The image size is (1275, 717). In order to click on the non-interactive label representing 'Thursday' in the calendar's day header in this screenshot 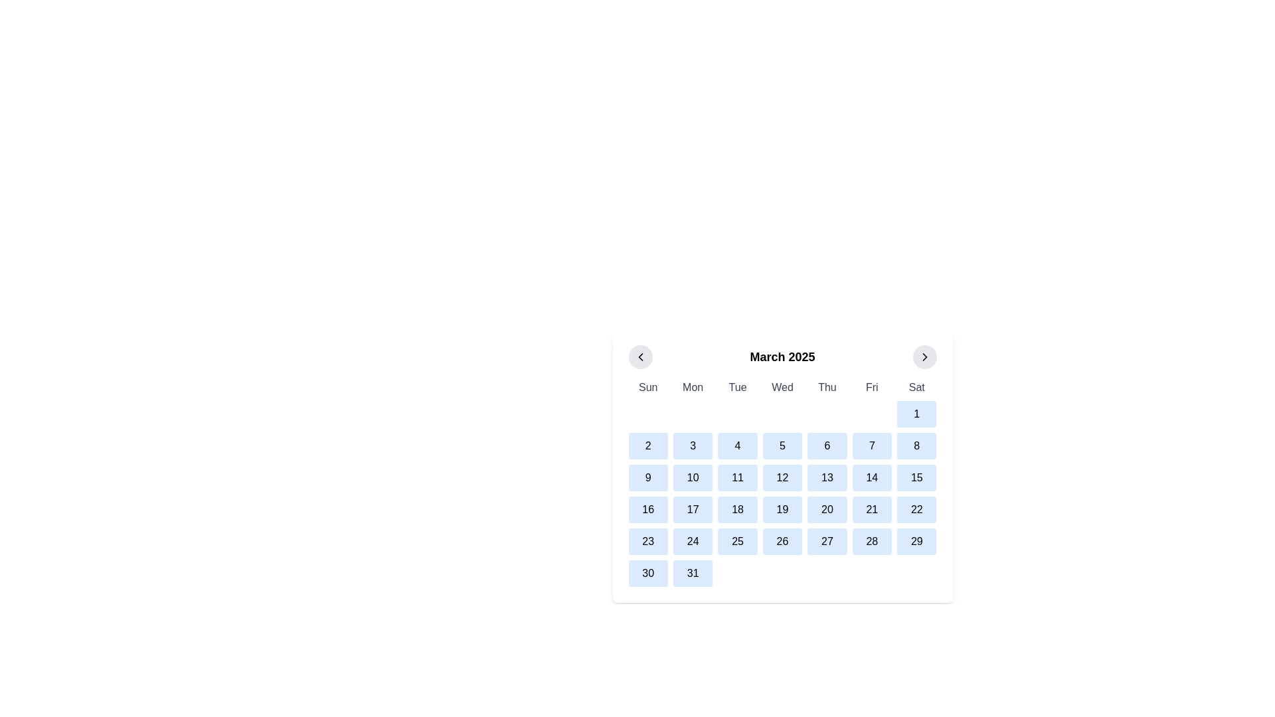, I will do `click(826, 387)`.